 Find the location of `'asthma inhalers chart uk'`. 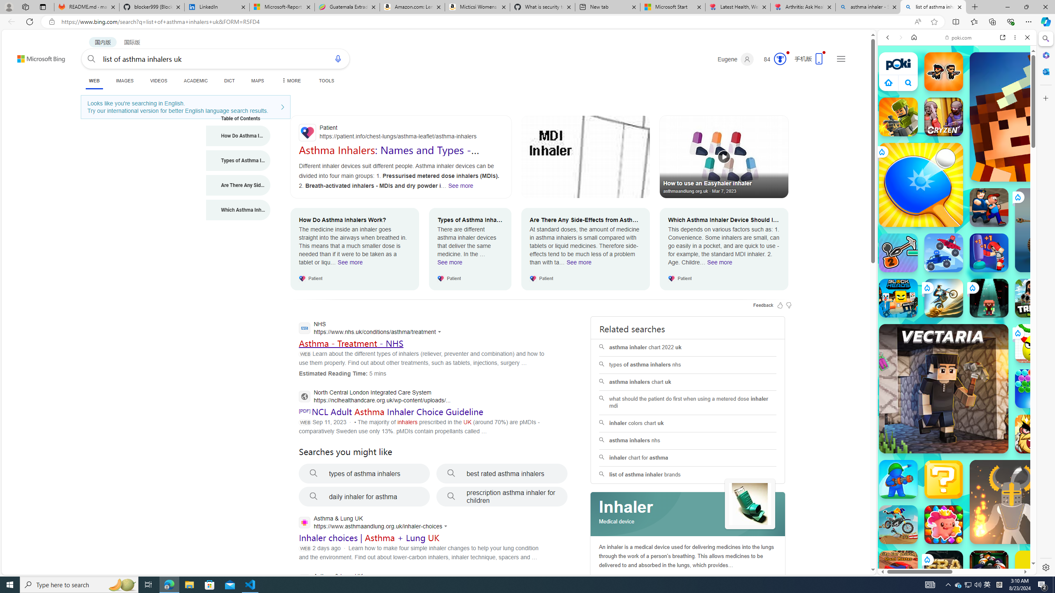

'asthma inhalers chart uk' is located at coordinates (687, 382).